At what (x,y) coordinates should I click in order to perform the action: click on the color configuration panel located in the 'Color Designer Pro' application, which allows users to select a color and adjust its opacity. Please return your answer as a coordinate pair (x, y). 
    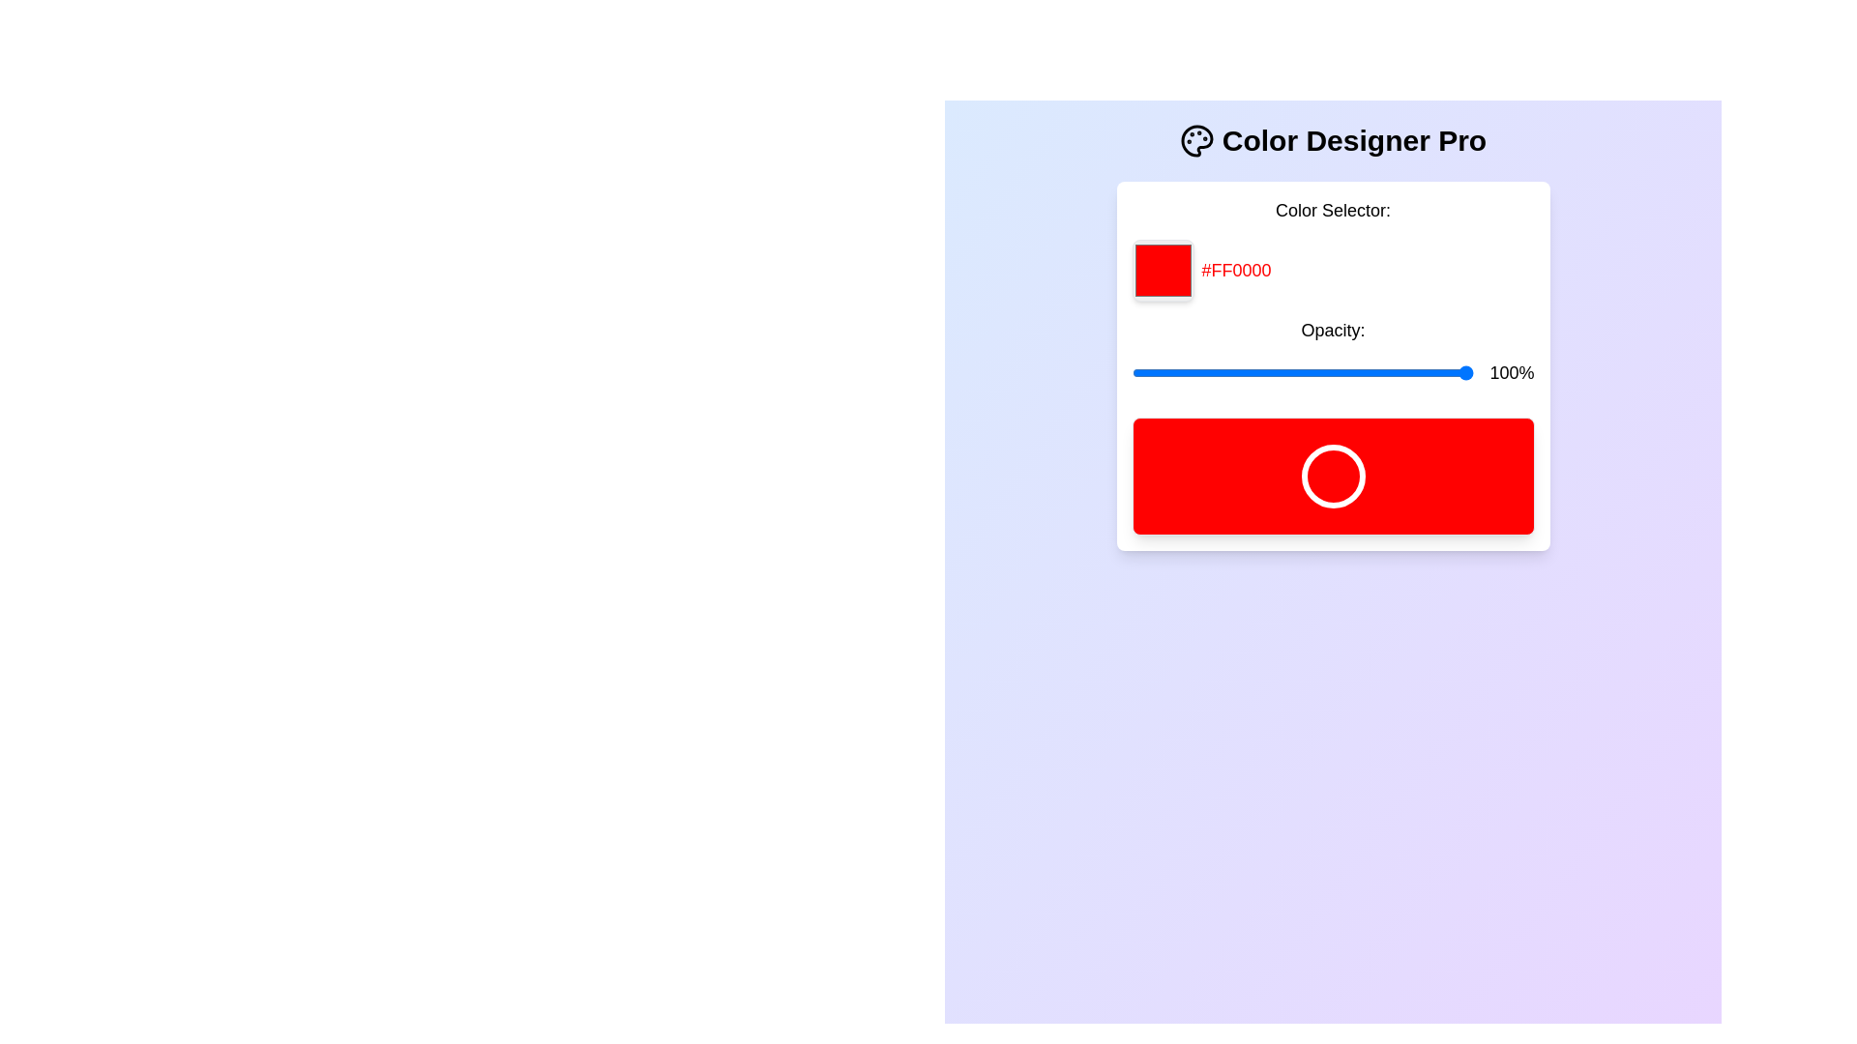
    Looking at the image, I should click on (1332, 365).